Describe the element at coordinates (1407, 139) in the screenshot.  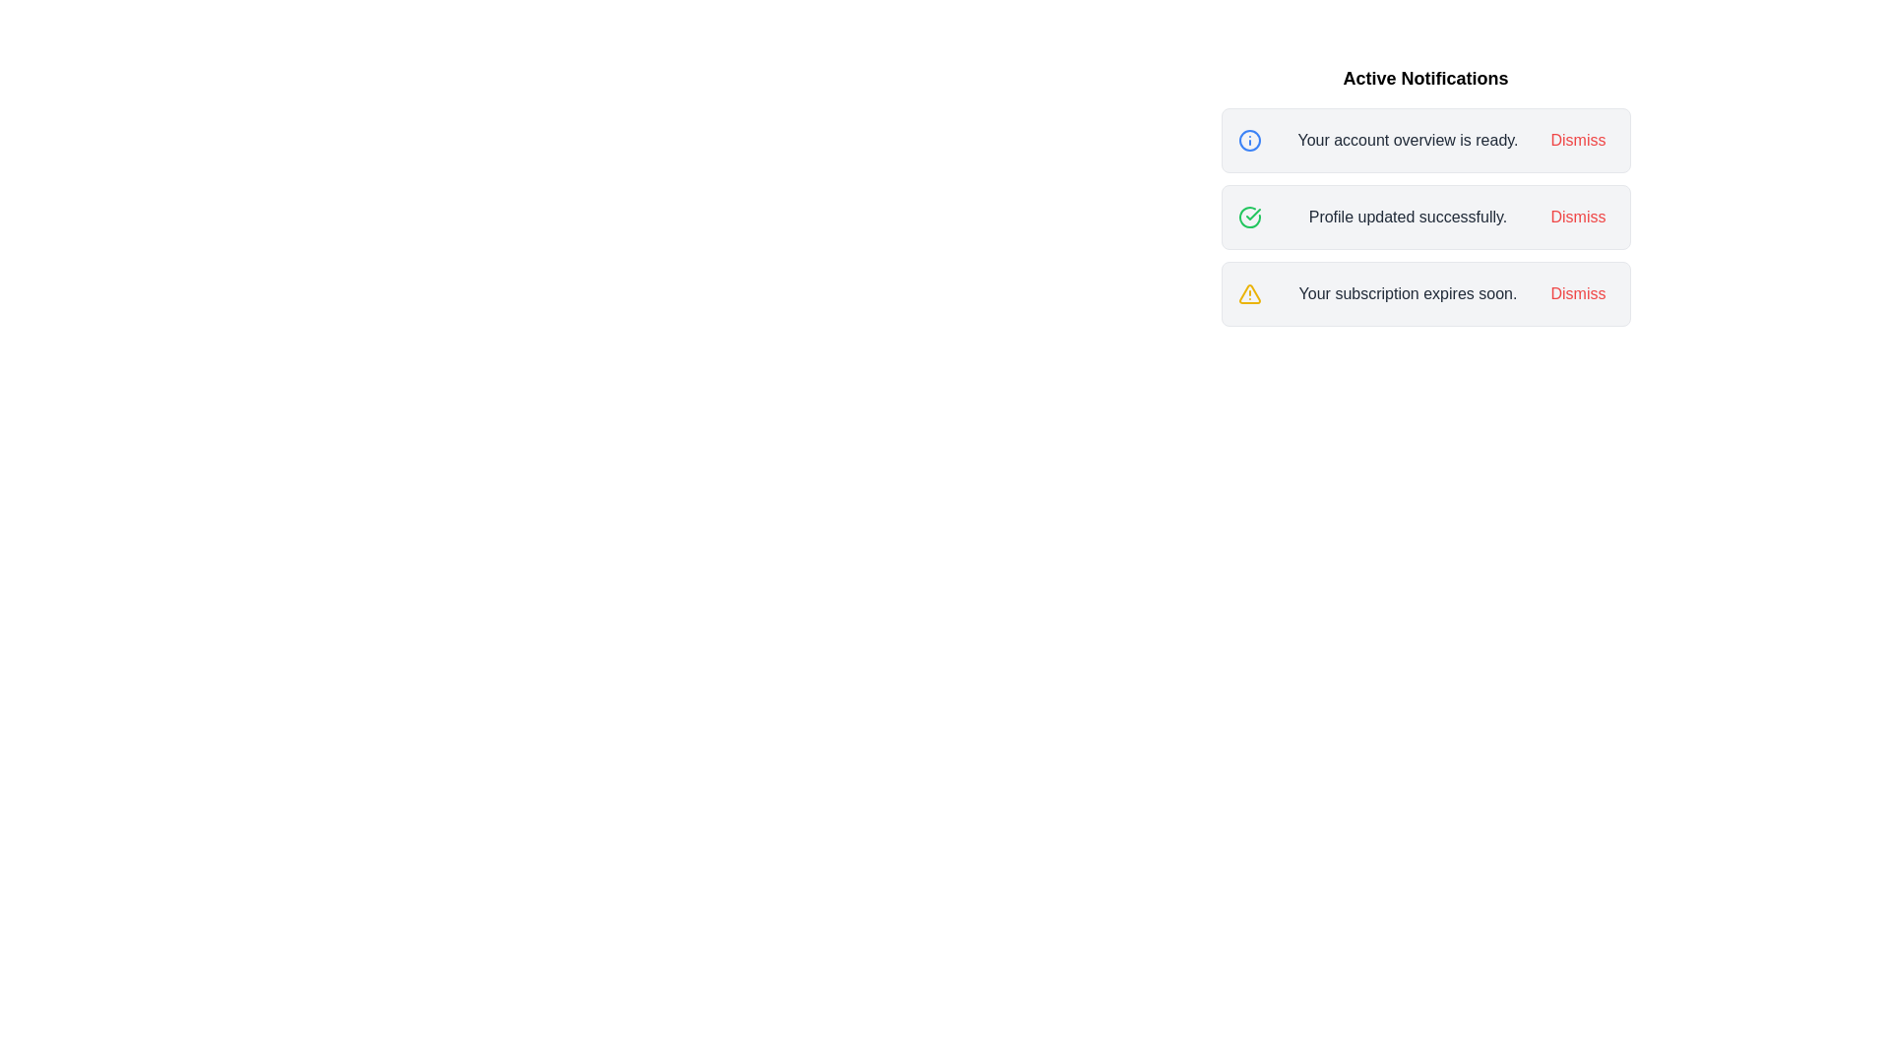
I see `the text of the notification with message 'Your account overview is ready.'` at that location.